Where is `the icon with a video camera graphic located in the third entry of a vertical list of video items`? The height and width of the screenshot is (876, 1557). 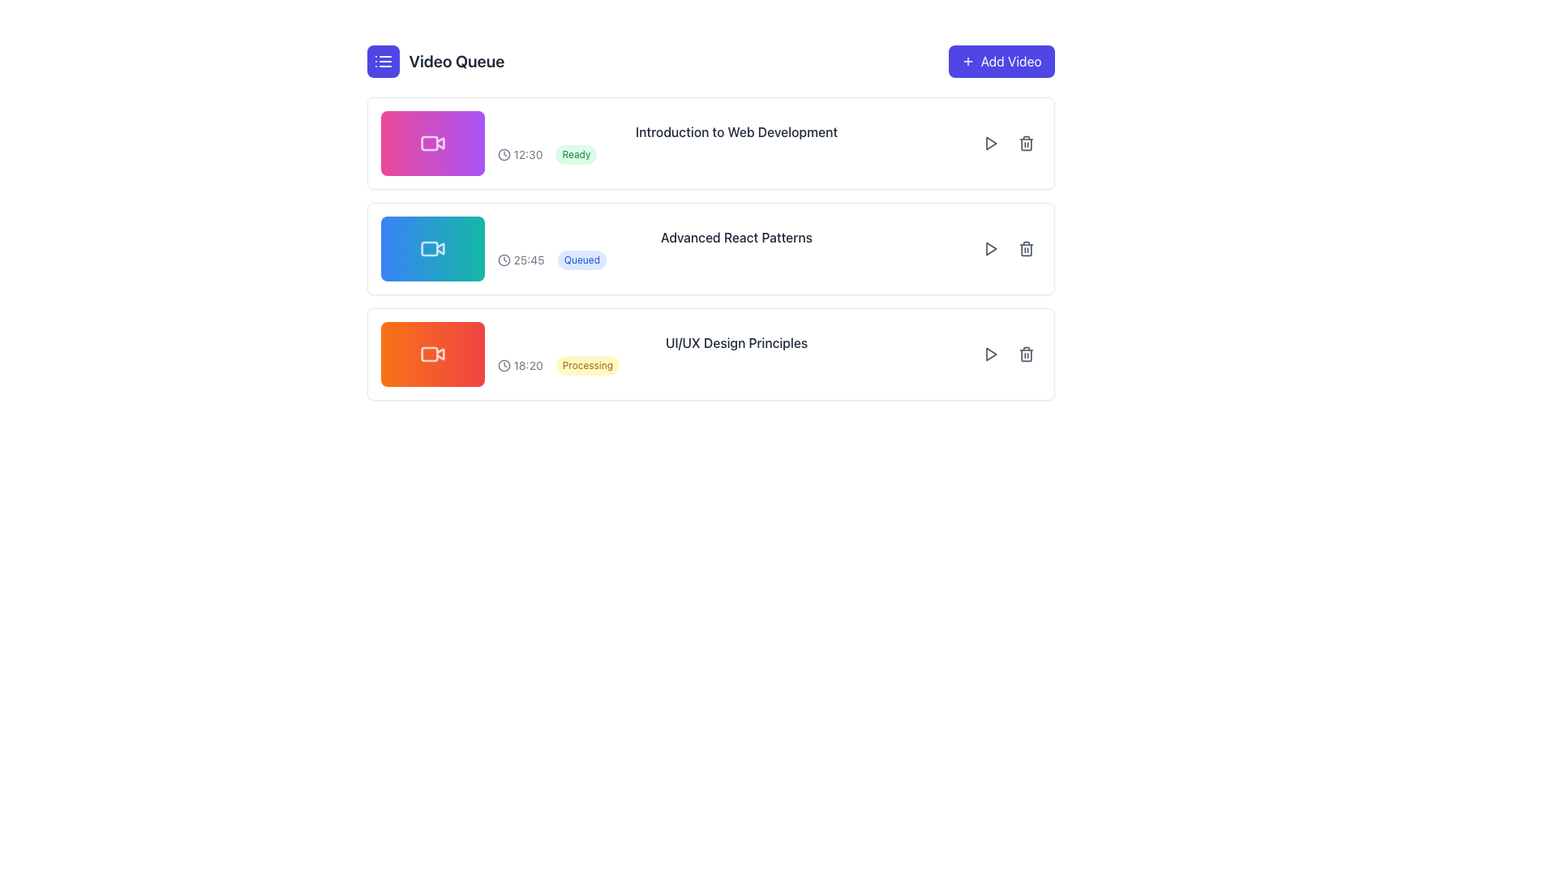
the icon with a video camera graphic located in the third entry of a vertical list of video items is located at coordinates (429, 353).